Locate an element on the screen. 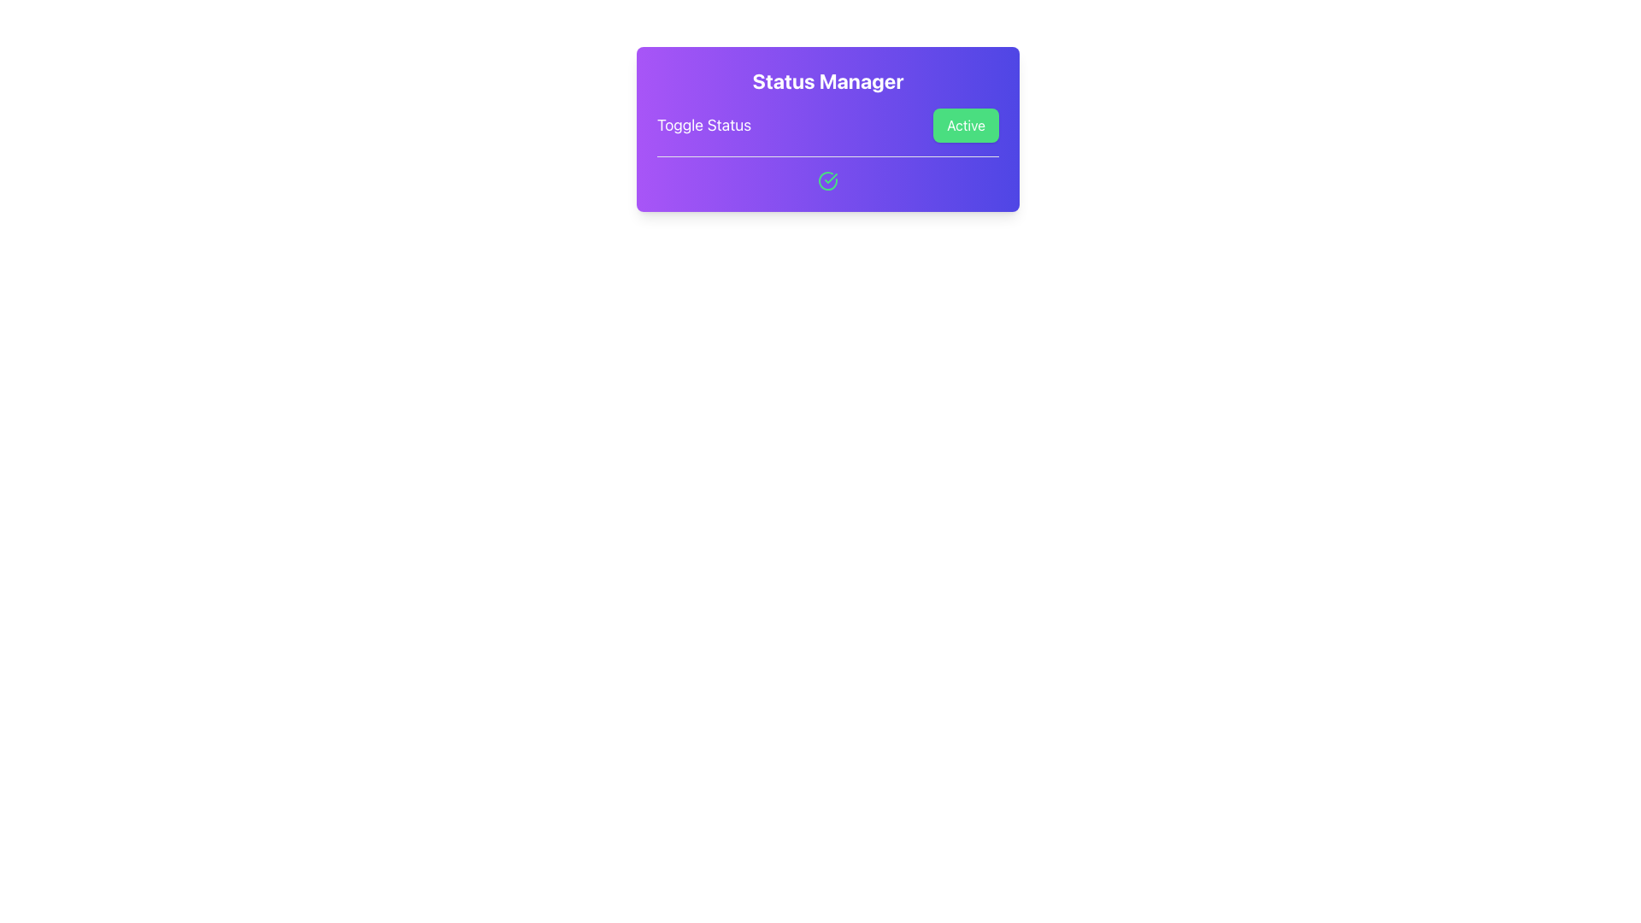 Image resolution: width=1641 pixels, height=923 pixels. the 'Active' button located in the top-right corner of the 'Status Manager' card is located at coordinates (966, 124).